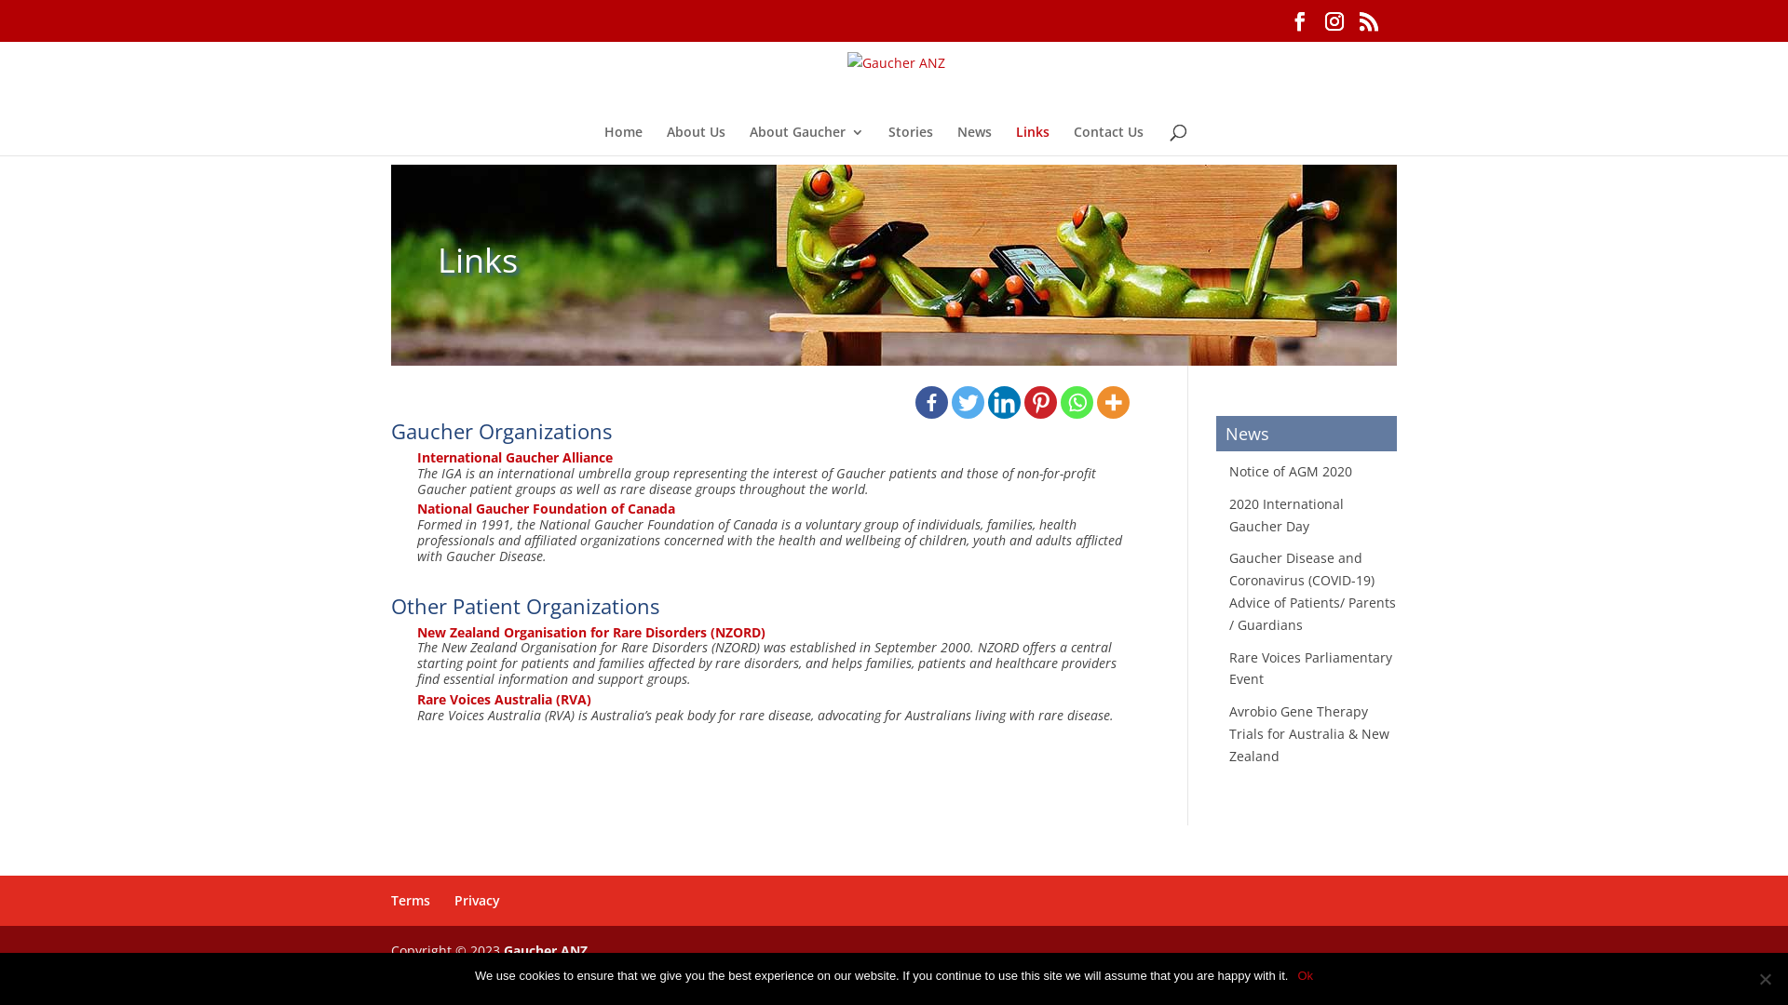 The width and height of the screenshot is (1788, 1005). Describe the element at coordinates (1113, 401) in the screenshot. I see `'More'` at that location.